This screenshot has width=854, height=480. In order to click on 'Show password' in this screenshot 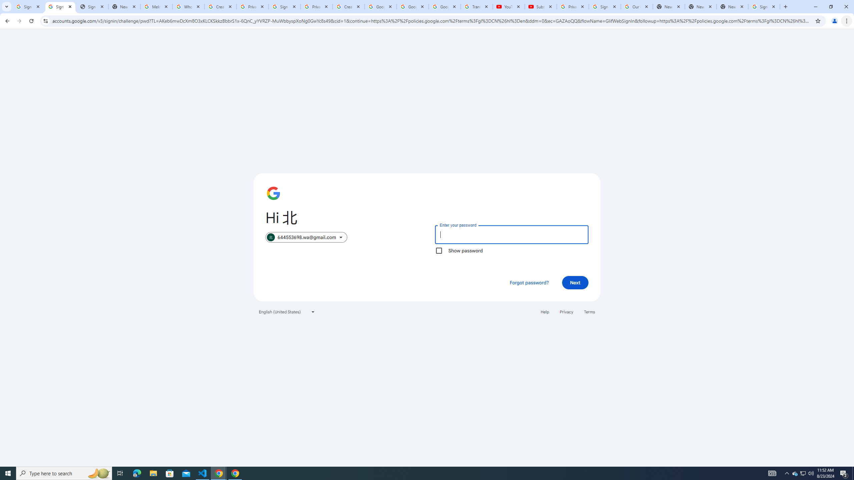, I will do `click(438, 250)`.